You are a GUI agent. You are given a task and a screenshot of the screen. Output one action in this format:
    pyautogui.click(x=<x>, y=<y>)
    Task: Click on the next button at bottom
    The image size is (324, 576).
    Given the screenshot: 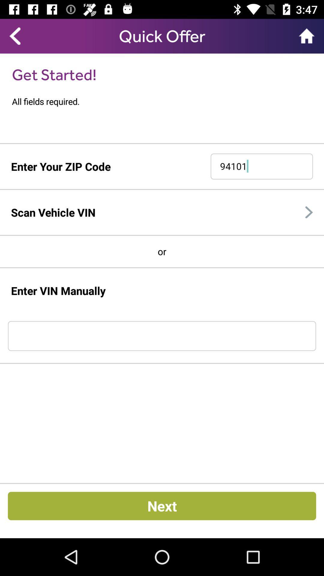 What is the action you would take?
    pyautogui.click(x=162, y=505)
    